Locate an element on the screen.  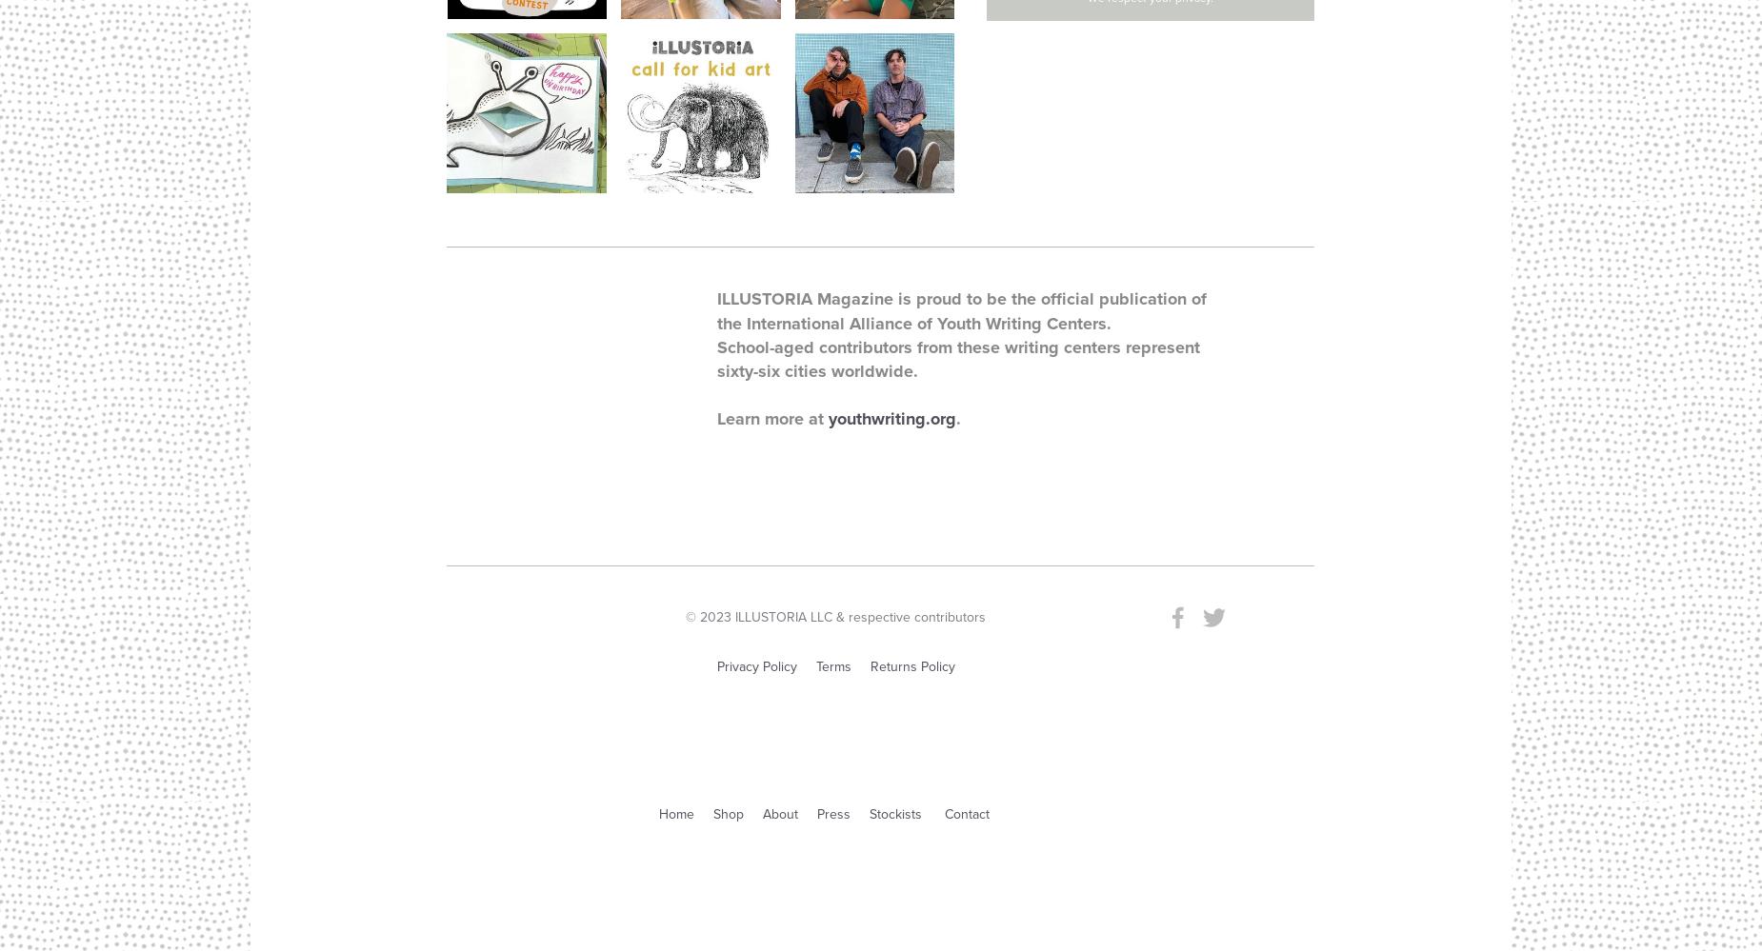
'About' is located at coordinates (780, 813).